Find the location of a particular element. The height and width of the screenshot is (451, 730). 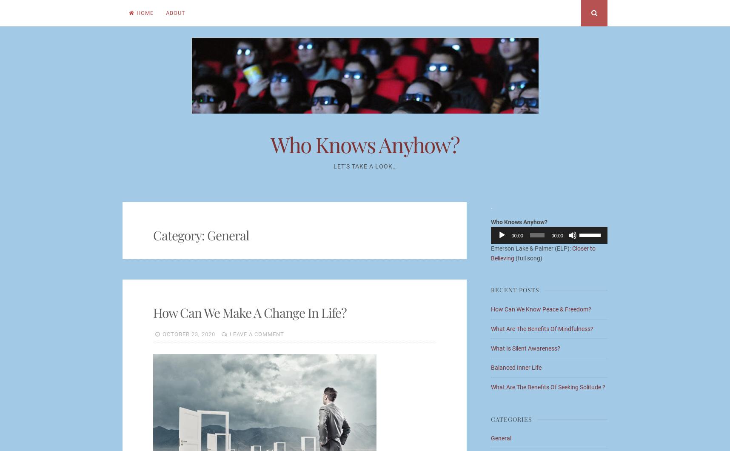

'Categories' is located at coordinates (511, 418).